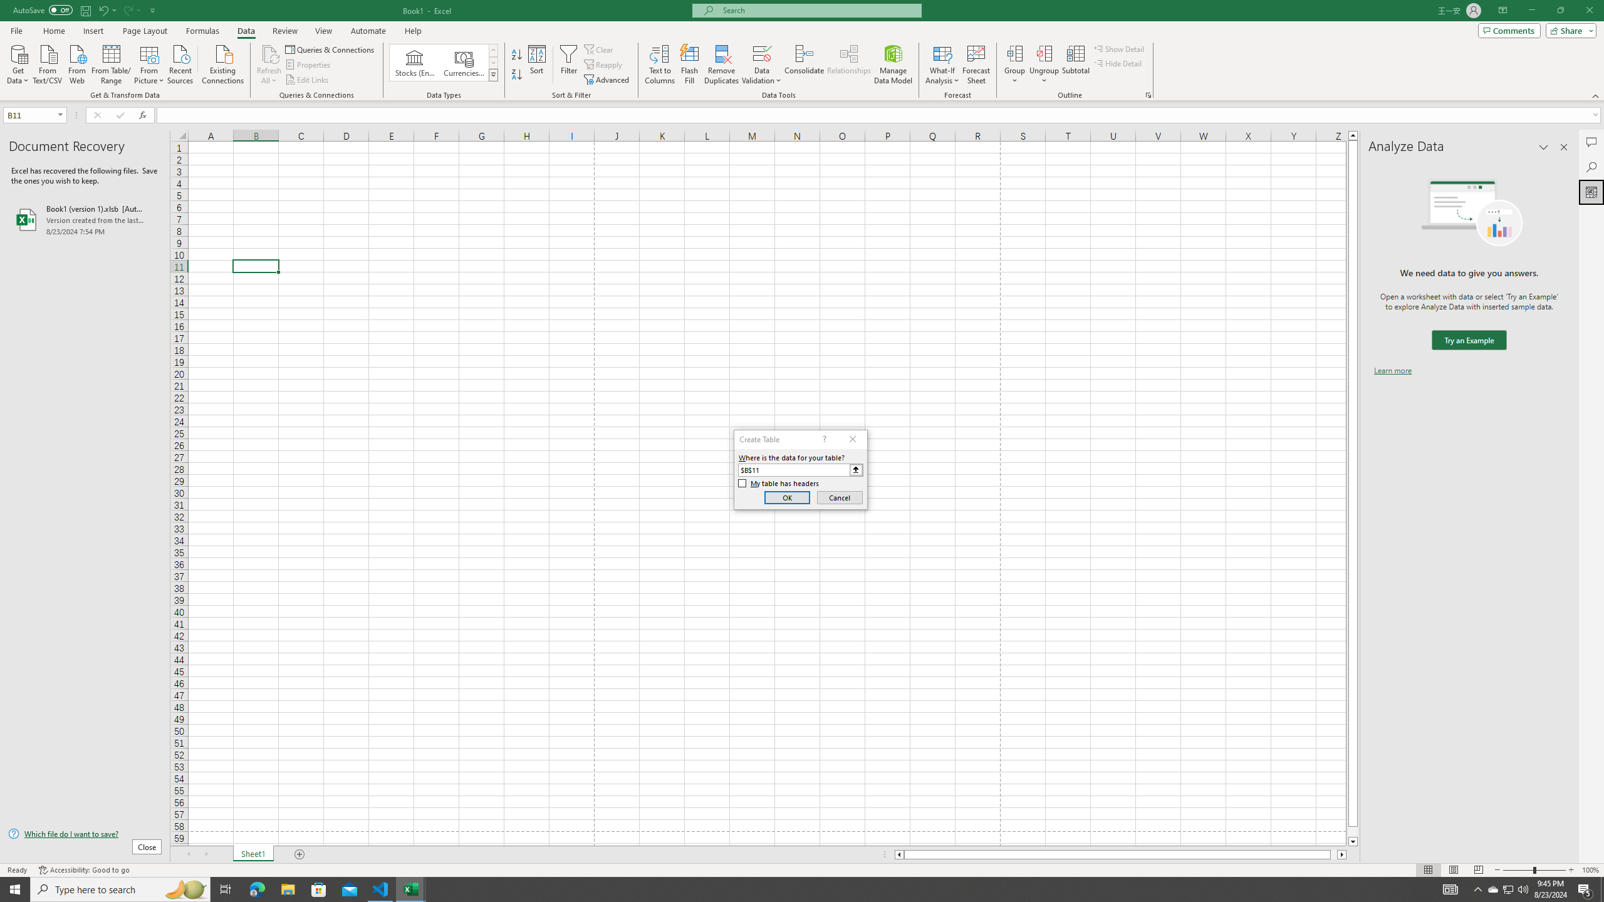 The width and height of the screenshot is (1604, 902). Describe the element at coordinates (1468, 340) in the screenshot. I see `'We need data to give you answers. Try an Example'` at that location.